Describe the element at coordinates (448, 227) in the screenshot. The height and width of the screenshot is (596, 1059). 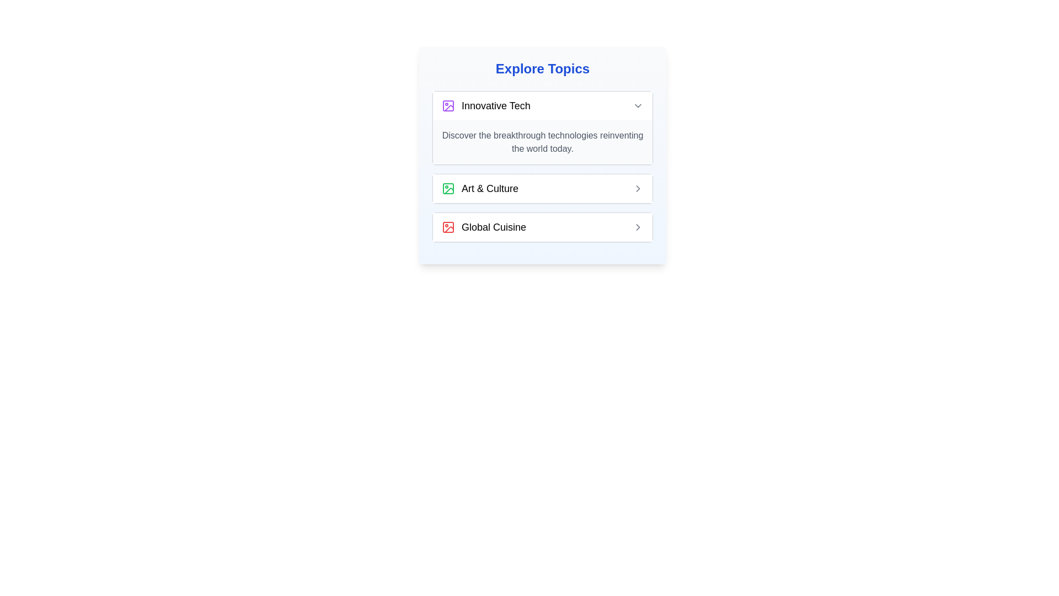
I see `the SVG-based image icon representing the 'Global Cuisine' topic, located` at that location.